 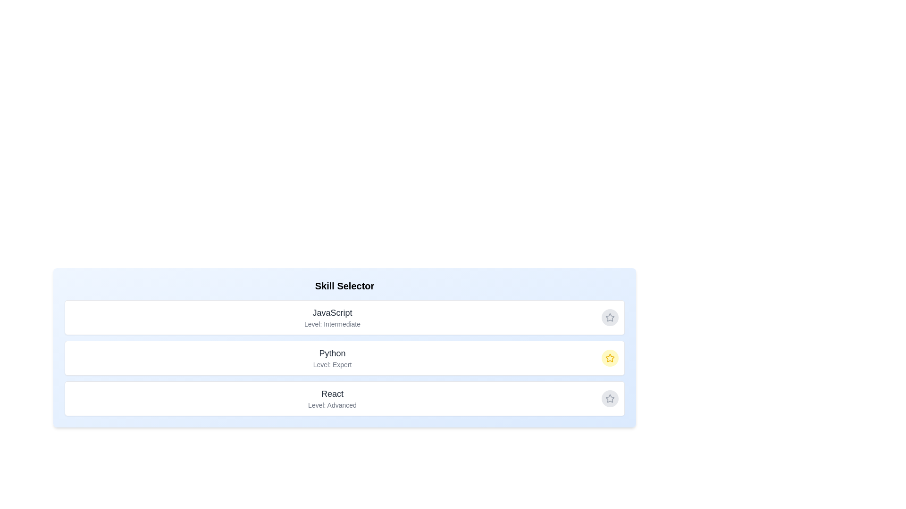 What do you see at coordinates (344, 358) in the screenshot?
I see `the skill item Python to inspect its hover effects` at bounding box center [344, 358].